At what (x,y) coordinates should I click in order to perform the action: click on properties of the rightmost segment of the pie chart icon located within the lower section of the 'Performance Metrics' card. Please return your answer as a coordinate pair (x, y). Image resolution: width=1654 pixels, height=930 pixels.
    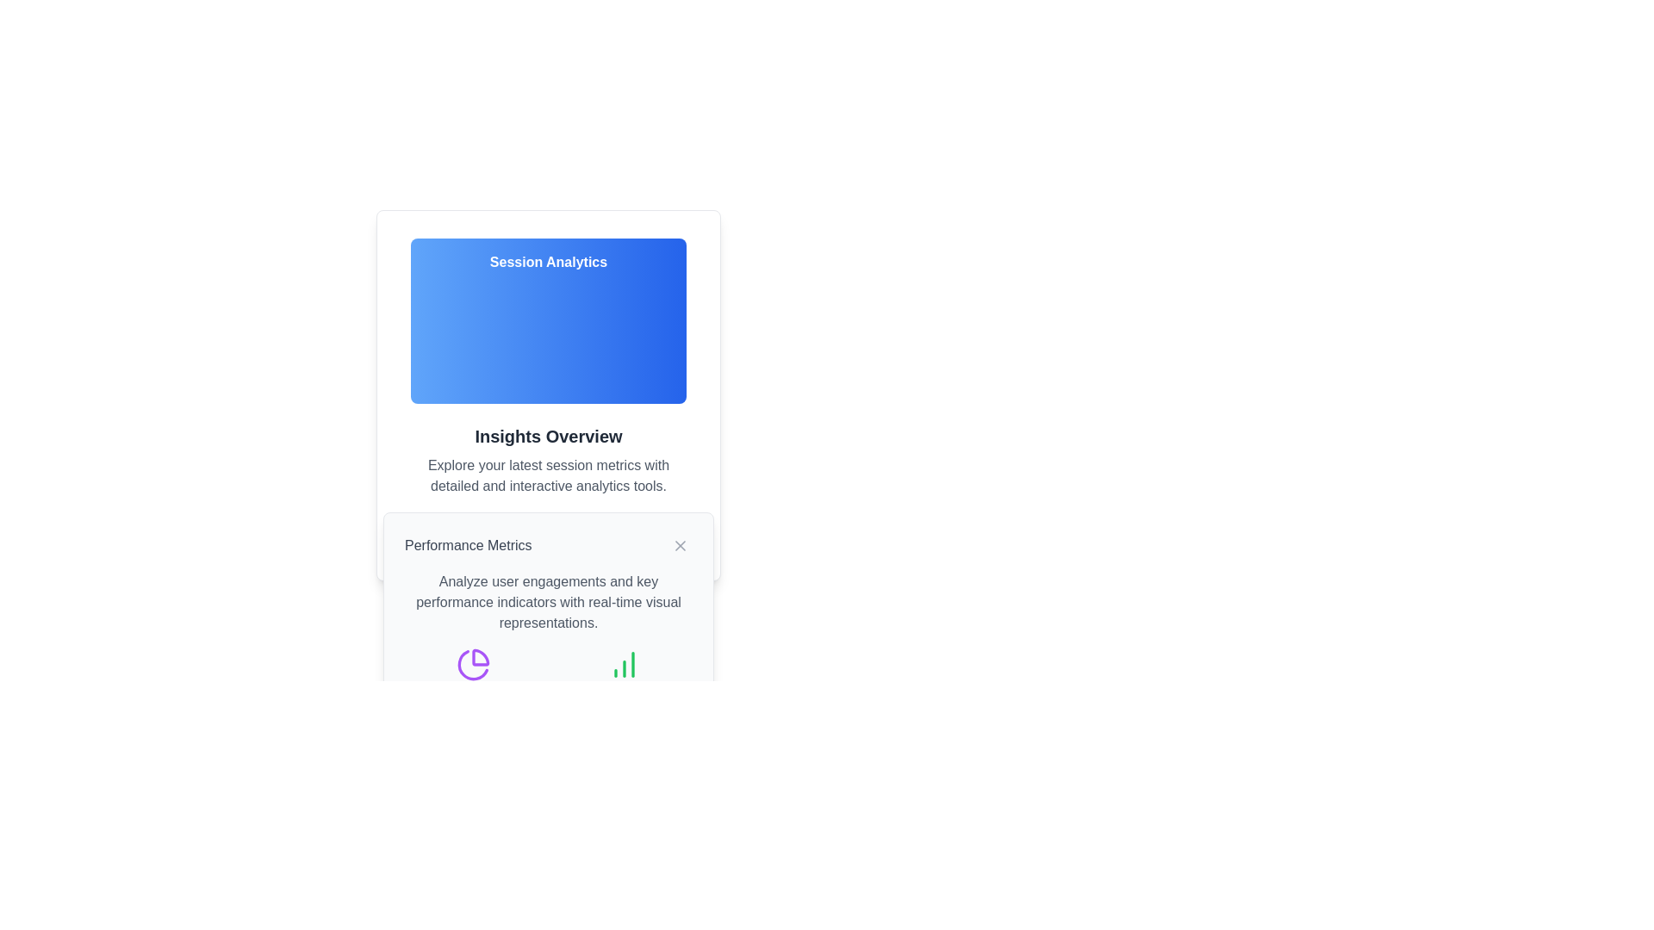
    Looking at the image, I should click on (480, 657).